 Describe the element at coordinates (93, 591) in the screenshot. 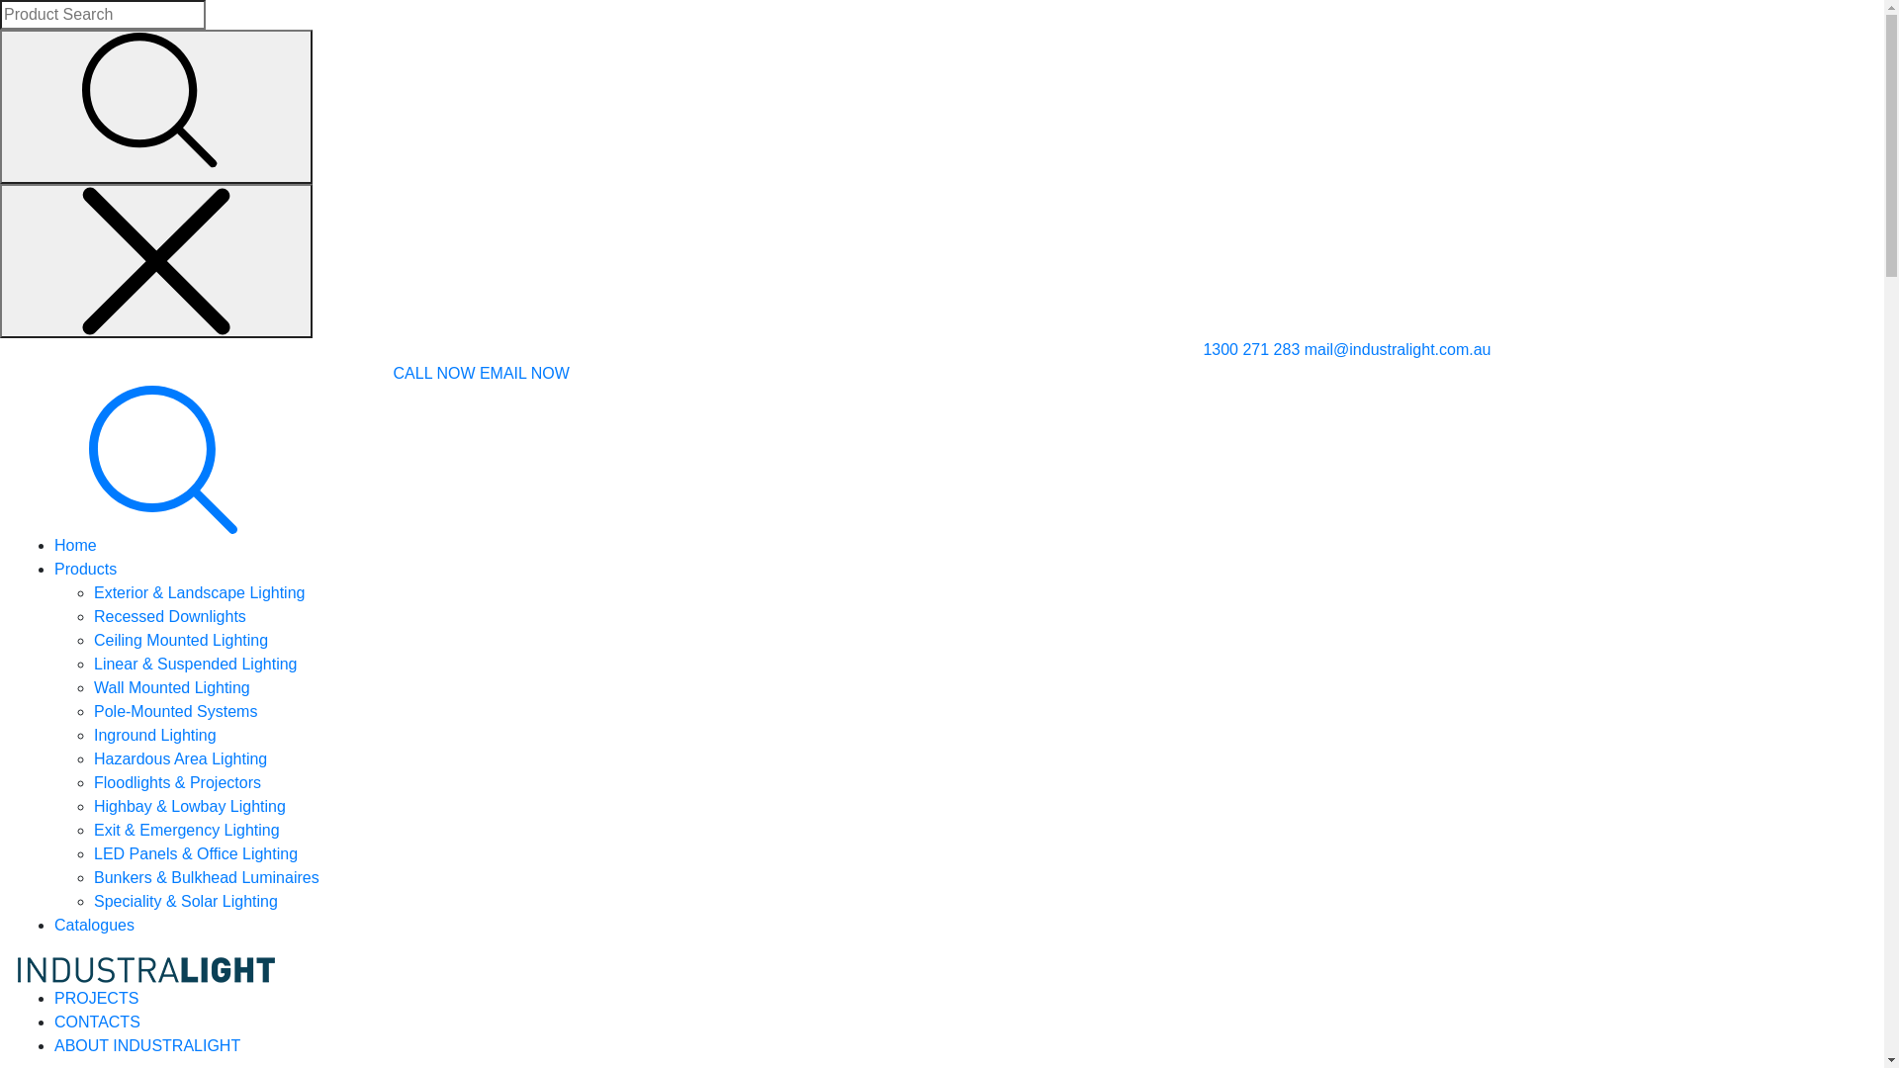

I see `'Exterior & Landscape Lighting'` at that location.